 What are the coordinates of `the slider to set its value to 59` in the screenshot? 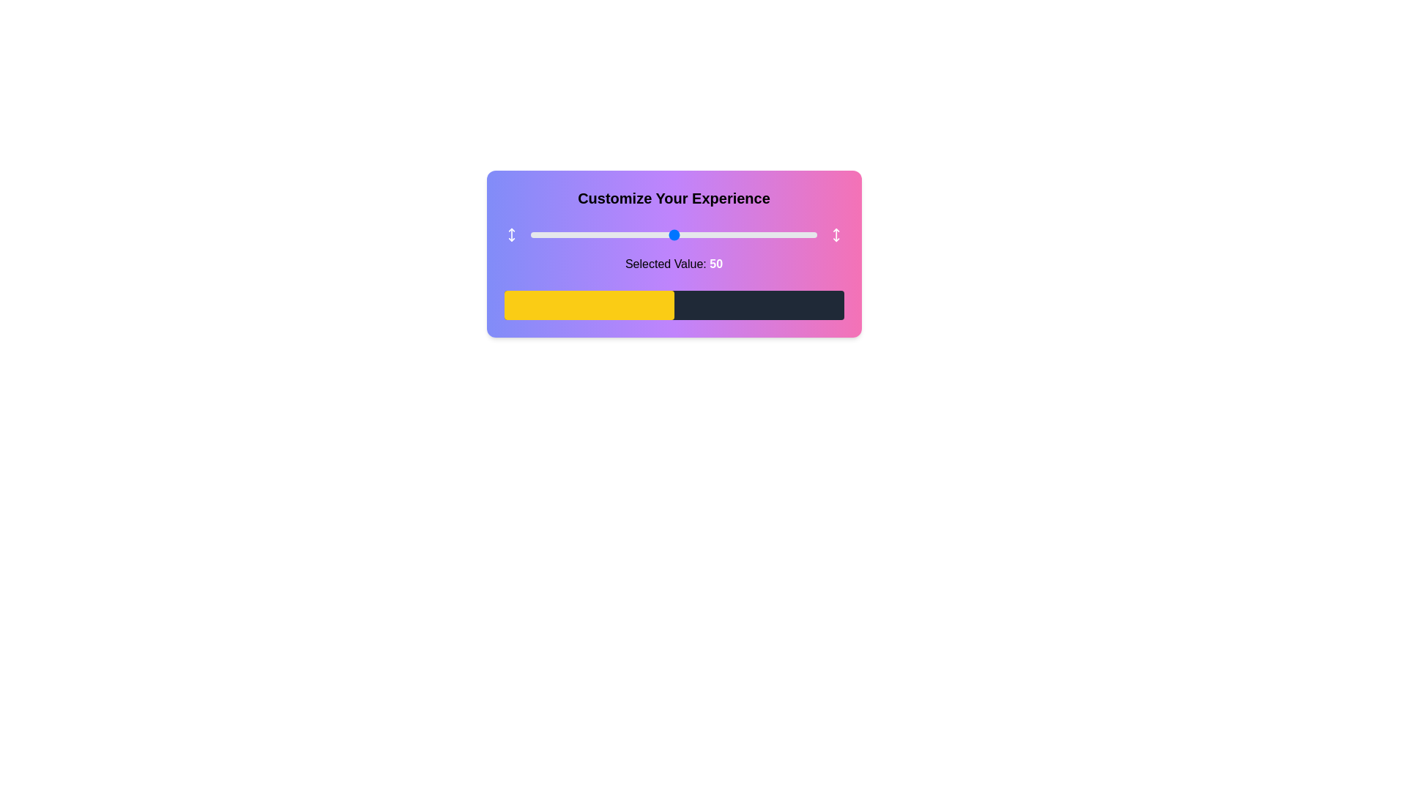 It's located at (699, 234).